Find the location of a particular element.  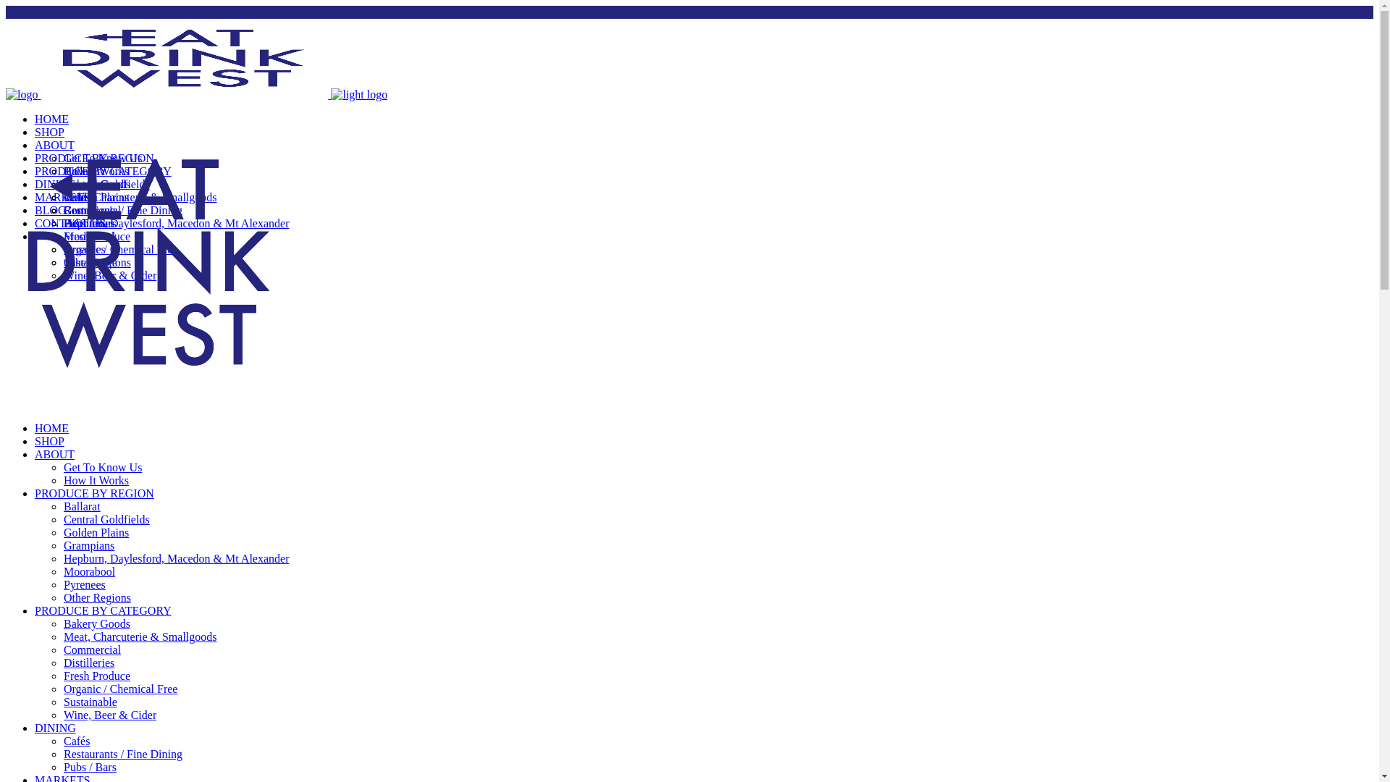

'Ballarat' is located at coordinates (81, 505).